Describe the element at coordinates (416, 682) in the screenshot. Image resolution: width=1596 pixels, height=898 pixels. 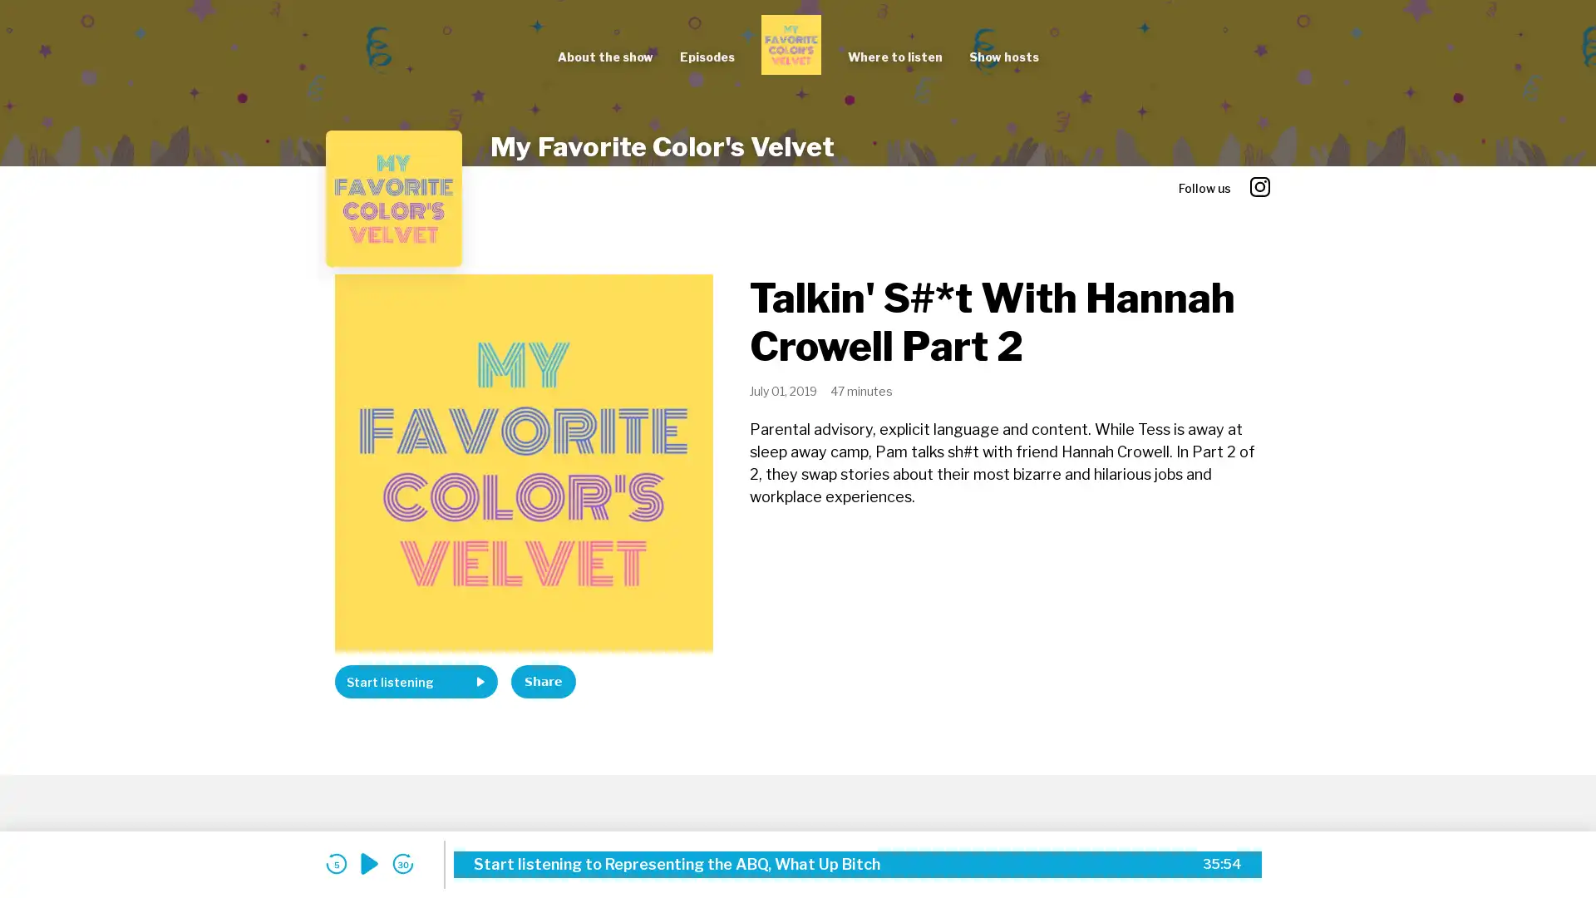
I see `Start listening` at that location.